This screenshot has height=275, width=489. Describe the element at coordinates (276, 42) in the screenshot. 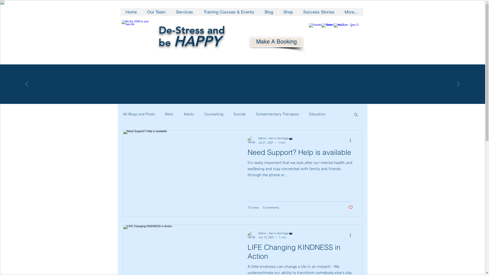

I see `'Make A Booking'` at that location.